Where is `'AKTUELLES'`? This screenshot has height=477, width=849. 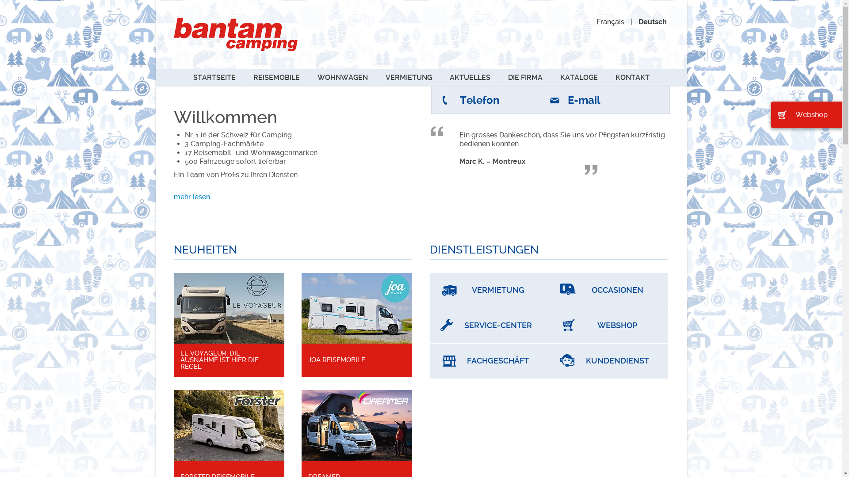 'AKTUELLES' is located at coordinates (469, 77).